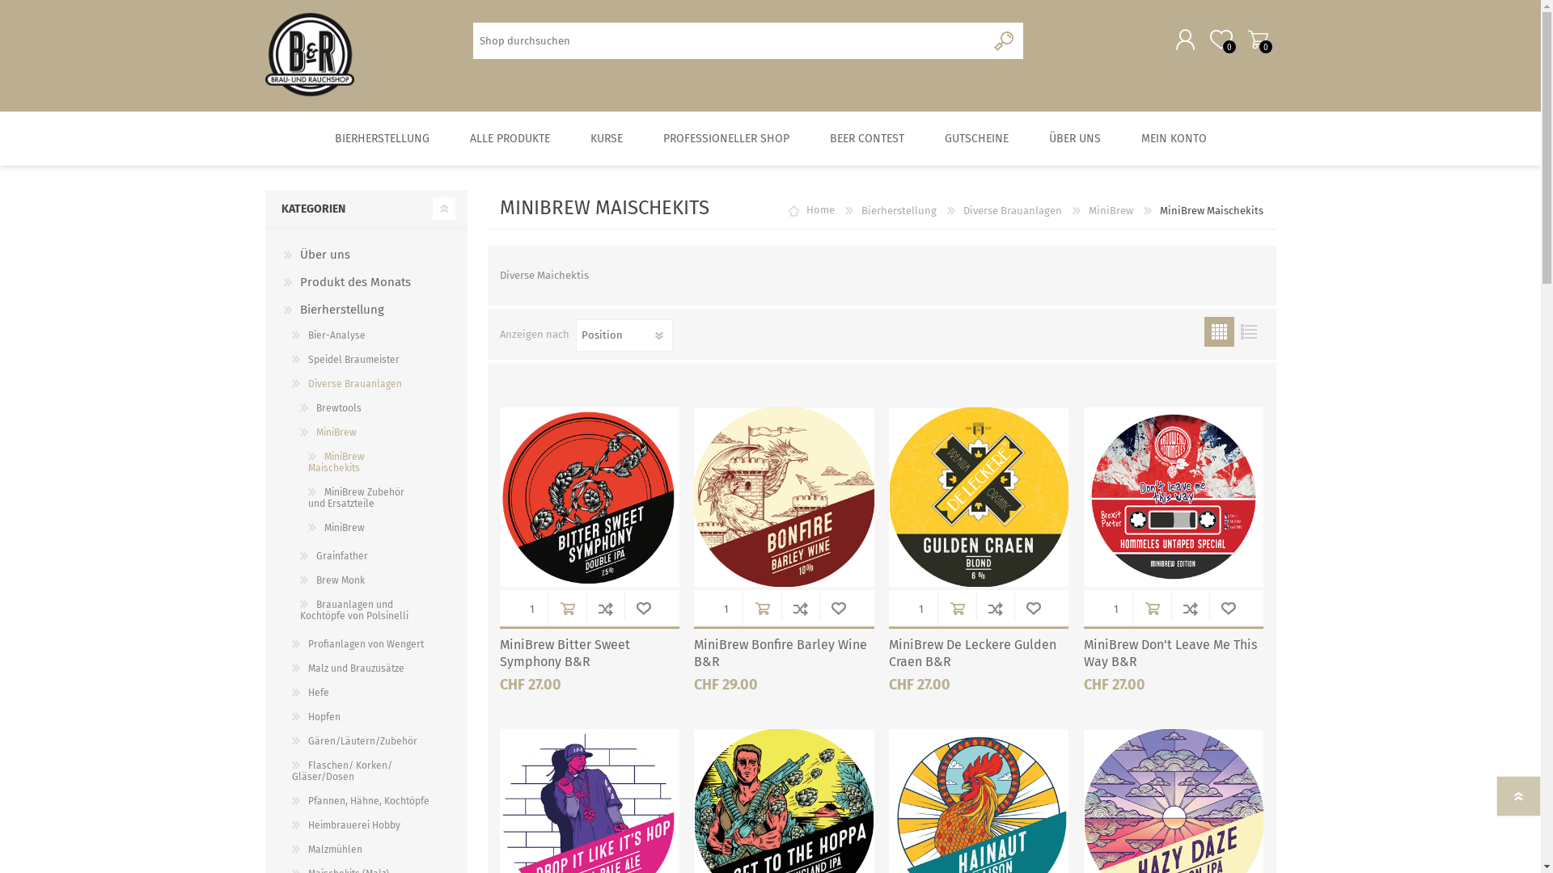 This screenshot has height=873, width=1553. What do you see at coordinates (938, 608) in the screenshot?
I see `'in Warenkorb'` at bounding box center [938, 608].